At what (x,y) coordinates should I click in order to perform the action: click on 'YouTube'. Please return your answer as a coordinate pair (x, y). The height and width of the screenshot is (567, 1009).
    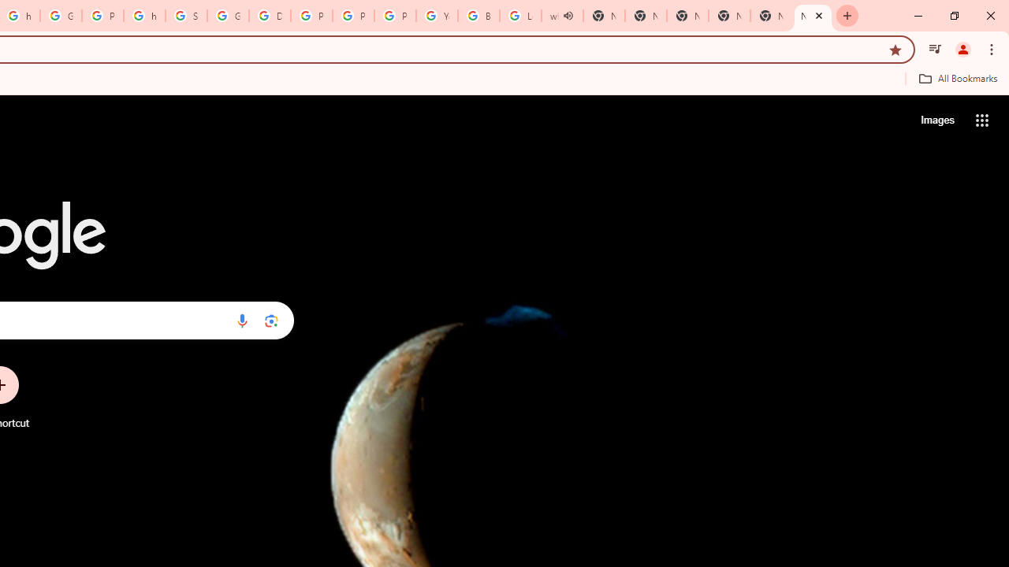
    Looking at the image, I should click on (437, 16).